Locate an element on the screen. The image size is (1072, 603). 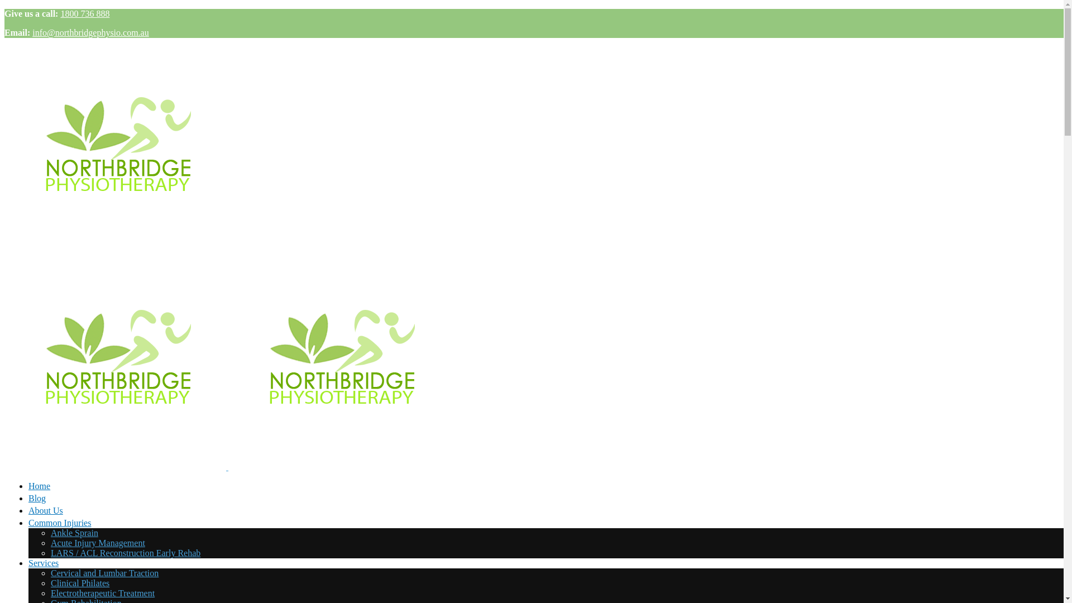
'Electrotherapeutic Treatment' is located at coordinates (102, 592).